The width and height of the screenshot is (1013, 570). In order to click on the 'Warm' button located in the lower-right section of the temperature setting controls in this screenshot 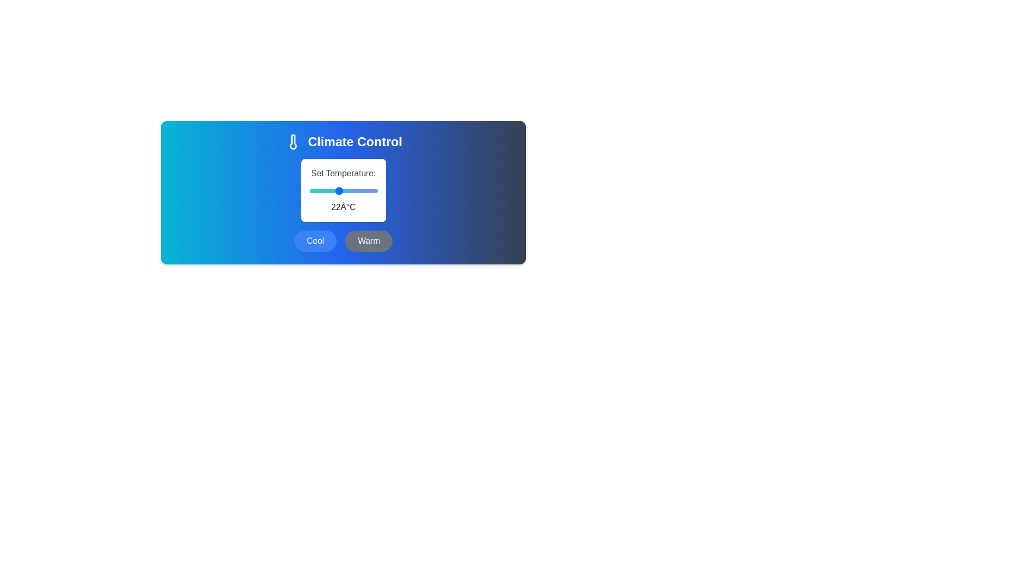, I will do `click(369, 241)`.